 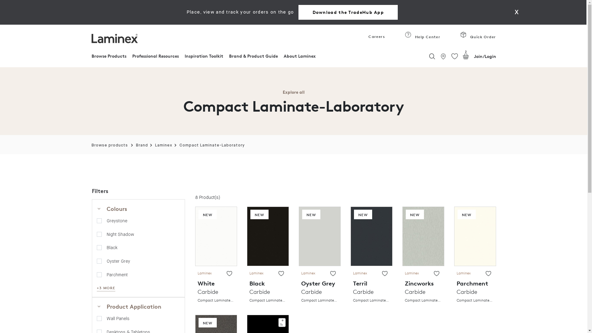 I want to click on 'Browse products', so click(x=109, y=145).